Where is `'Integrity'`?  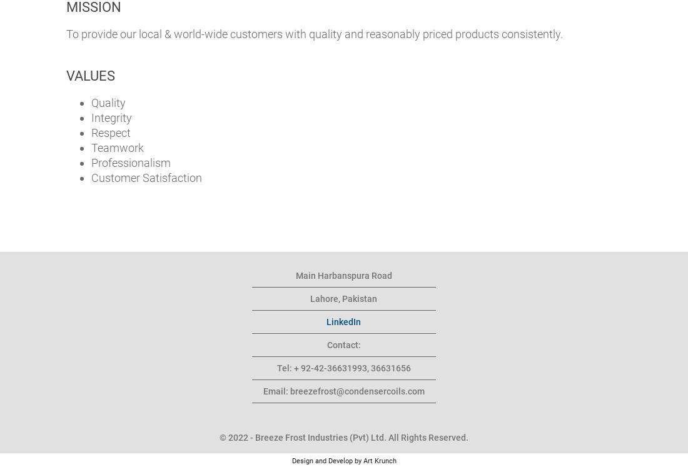 'Integrity' is located at coordinates (111, 118).